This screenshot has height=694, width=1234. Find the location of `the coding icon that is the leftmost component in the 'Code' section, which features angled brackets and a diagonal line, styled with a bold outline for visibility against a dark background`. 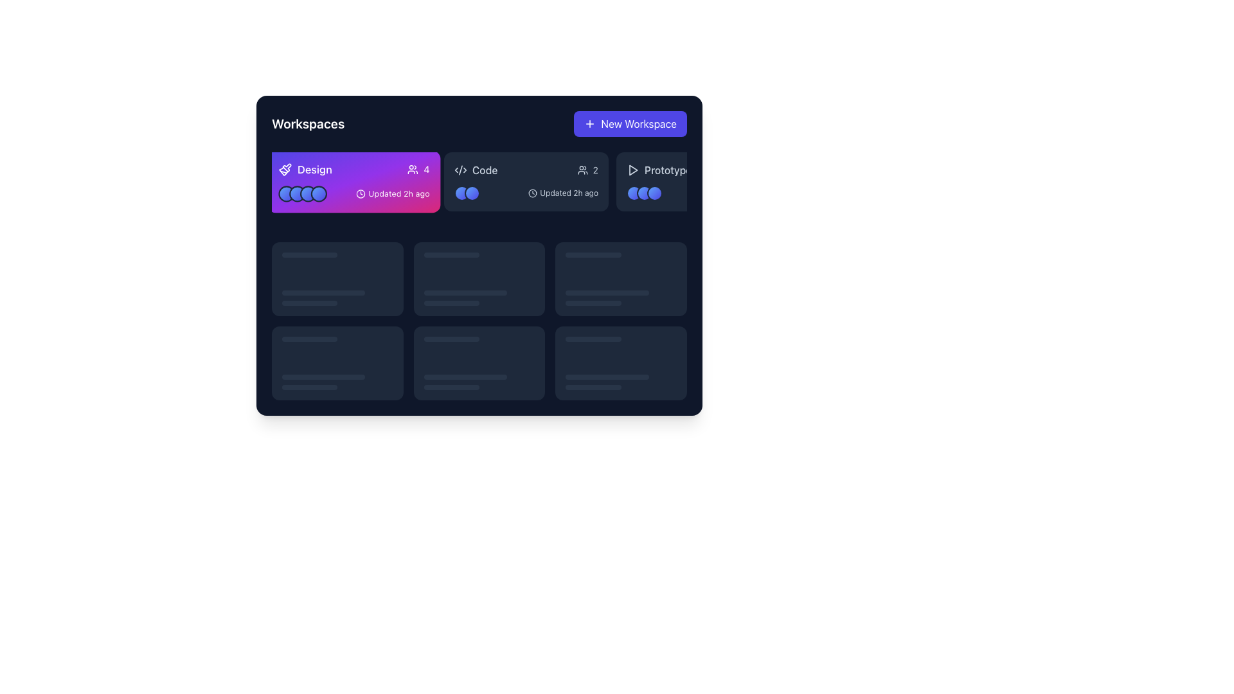

the coding icon that is the leftmost component in the 'Code' section, which features angled brackets and a diagonal line, styled with a bold outline for visibility against a dark background is located at coordinates (460, 170).